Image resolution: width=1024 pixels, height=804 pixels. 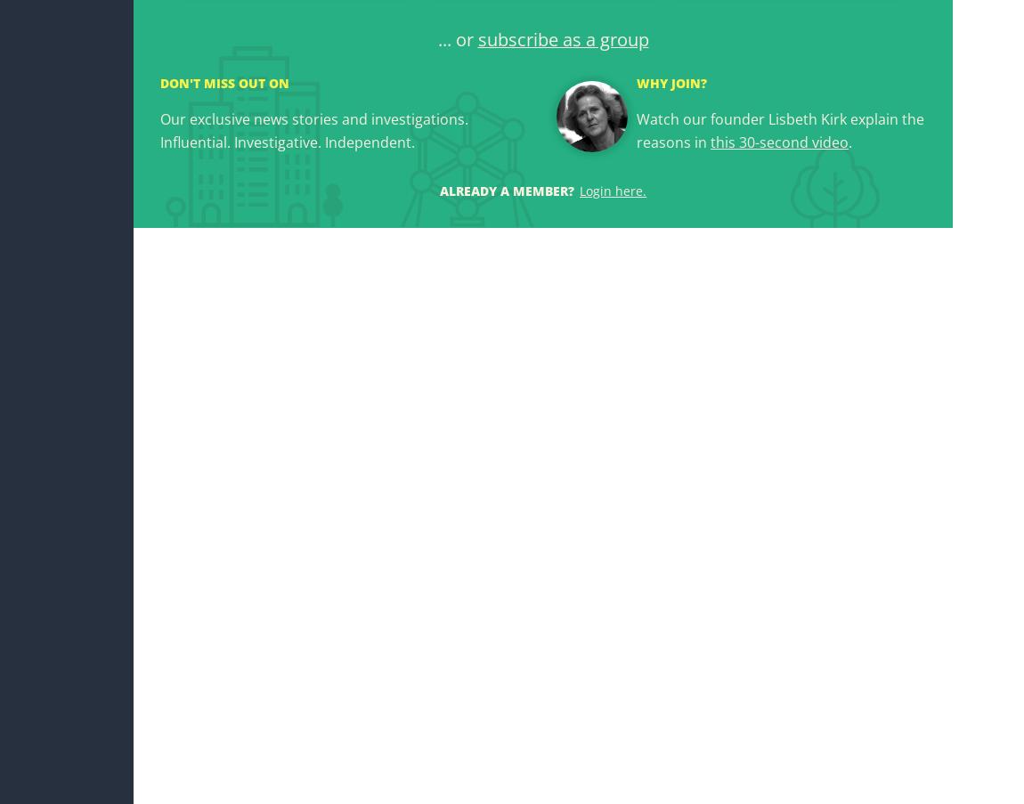 I want to click on 'Putin should be enrolled in efforts to stabilise Libya, Syria and Iraq – ending his Ukraine-related international isolation – provided the ceasefire is fully respected, Renzi has said.', so click(x=435, y=525).